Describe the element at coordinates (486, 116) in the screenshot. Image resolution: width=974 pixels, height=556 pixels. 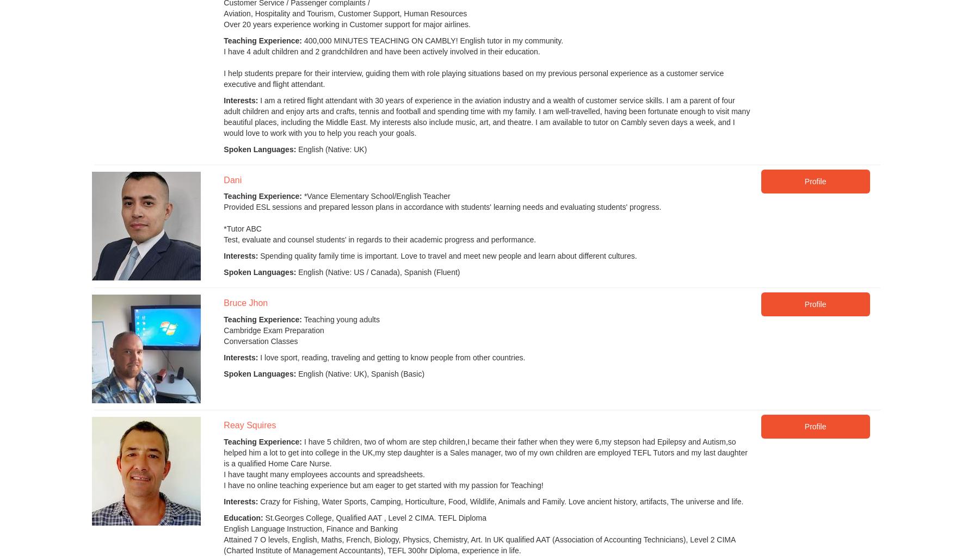
I see `'I am a retired flight attendant with 30 years of experience in the aviation industry and a wealth of customer service skills. I am a parent of four adult children and enjoy arts and crafts, tennis and football and spending time with my family. I am well-travelled, having been fortunate enough to visit many beautiful places, including the Middle East. My interests also include music, art, and theatre. I am available to tutor on Cambly seven days a week, and I would love to work with you to help you reach your goals.'` at that location.